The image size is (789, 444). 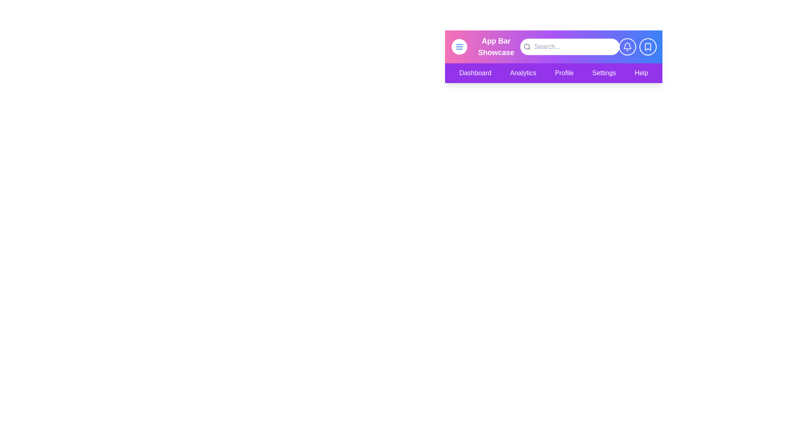 What do you see at coordinates (575, 47) in the screenshot?
I see `the search field and type the desired text` at bounding box center [575, 47].